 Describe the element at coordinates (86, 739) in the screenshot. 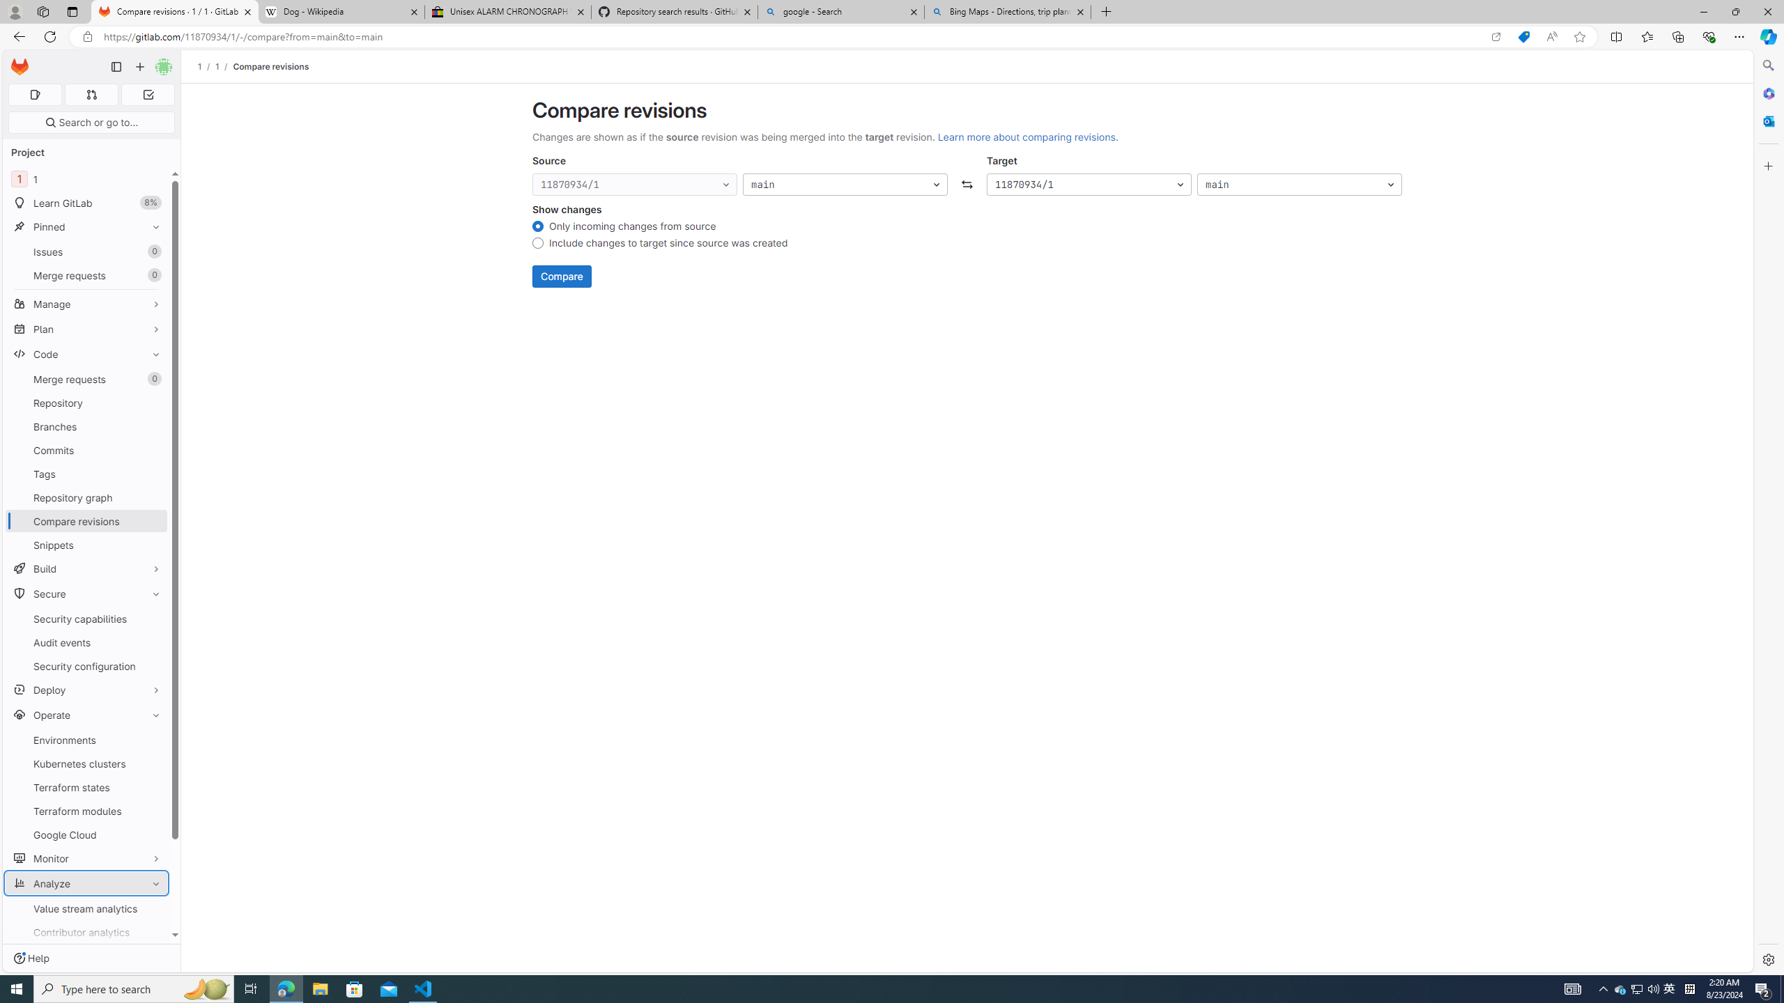

I see `'Environments'` at that location.